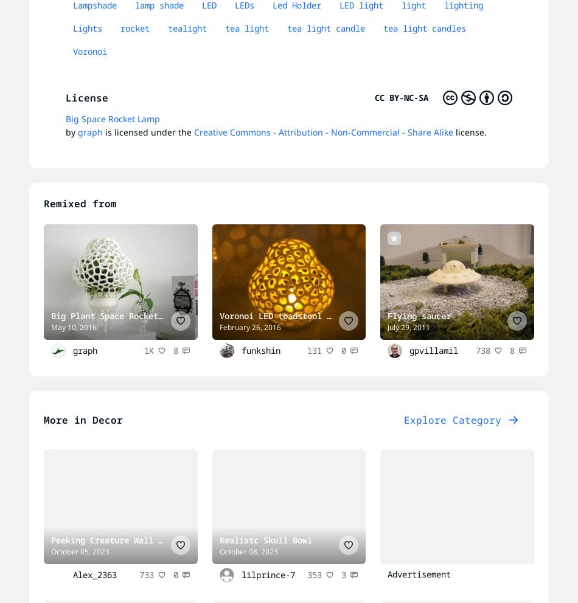 Image resolution: width=578 pixels, height=603 pixels. Describe the element at coordinates (186, 28) in the screenshot. I see `'tealight'` at that location.